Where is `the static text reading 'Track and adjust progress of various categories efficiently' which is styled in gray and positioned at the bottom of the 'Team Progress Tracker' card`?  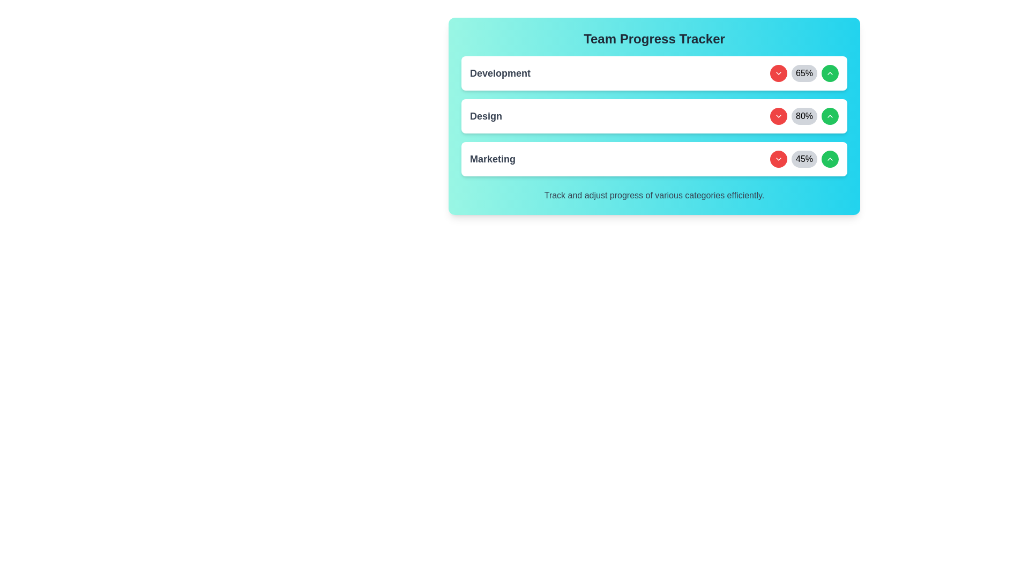
the static text reading 'Track and adjust progress of various categories efficiently' which is styled in gray and positioned at the bottom of the 'Team Progress Tracker' card is located at coordinates (653, 196).